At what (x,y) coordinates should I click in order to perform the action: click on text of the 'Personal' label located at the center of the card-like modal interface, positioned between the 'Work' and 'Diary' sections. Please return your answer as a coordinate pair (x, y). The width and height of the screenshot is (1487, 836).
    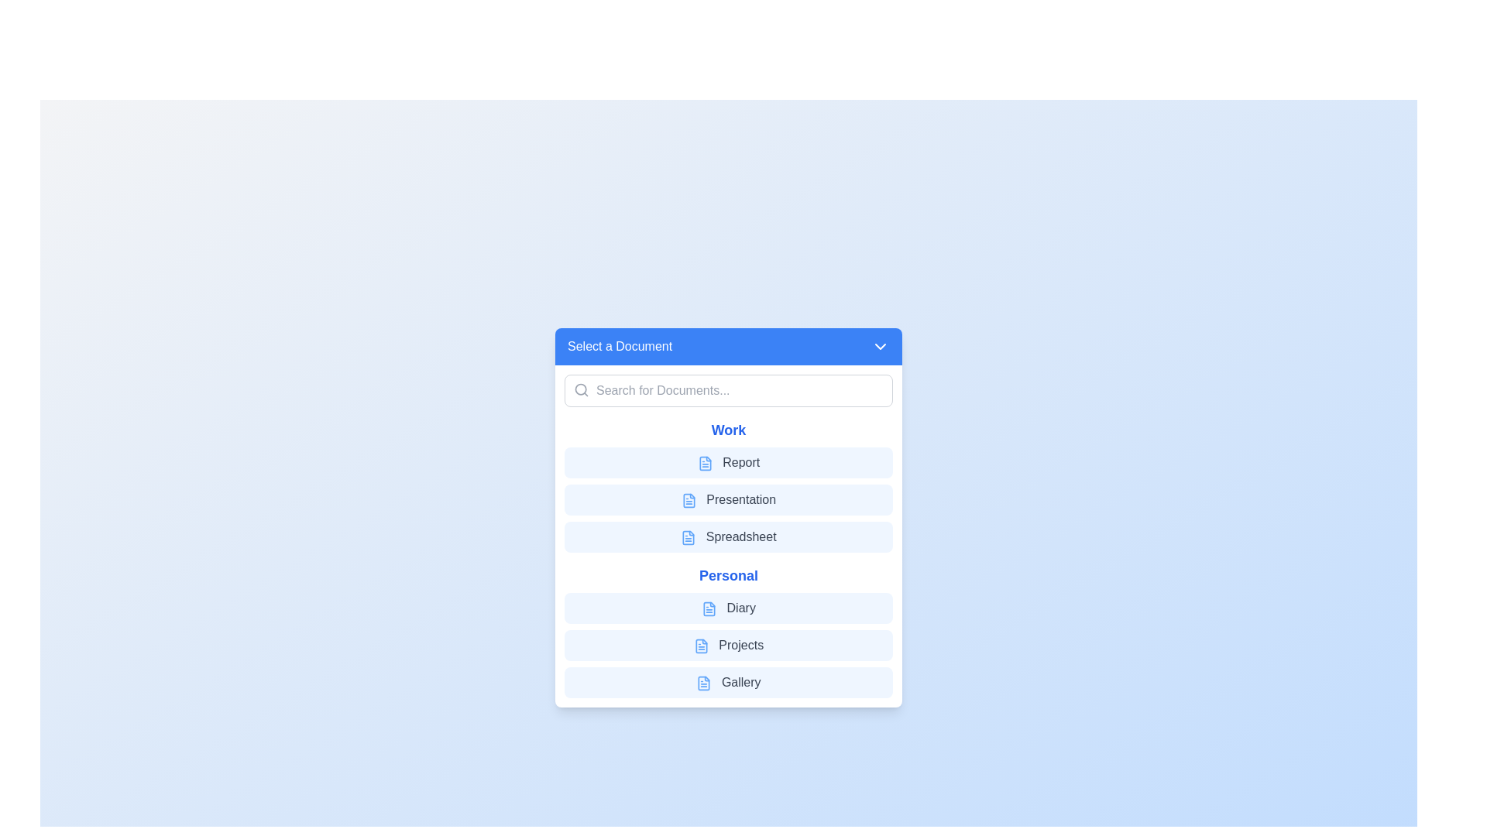
    Looking at the image, I should click on (727, 576).